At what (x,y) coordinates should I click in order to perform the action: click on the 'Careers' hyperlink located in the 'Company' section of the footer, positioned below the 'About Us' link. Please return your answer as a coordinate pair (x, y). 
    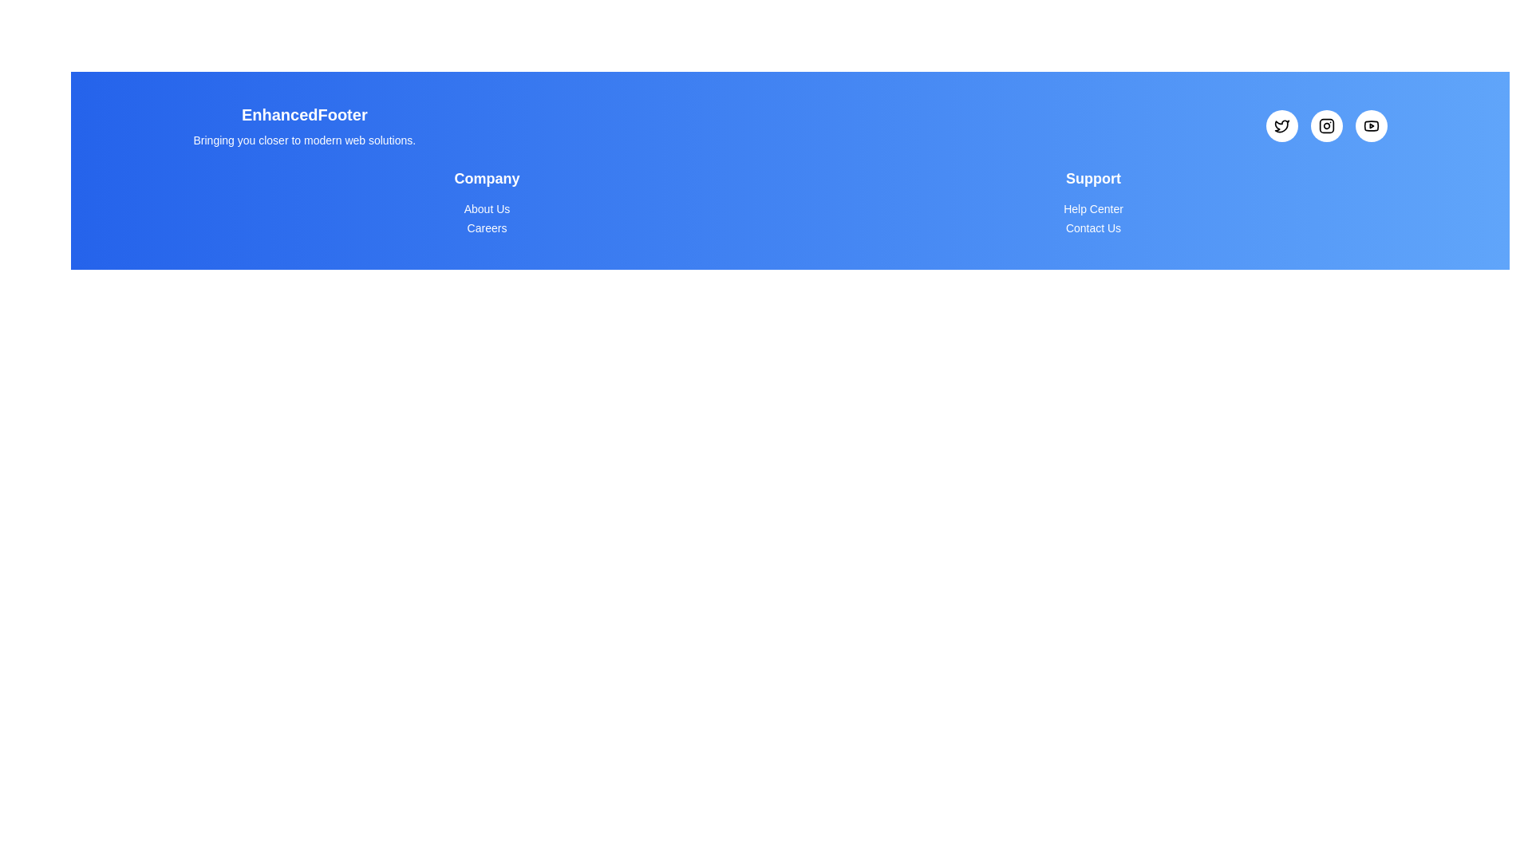
    Looking at the image, I should click on (485, 227).